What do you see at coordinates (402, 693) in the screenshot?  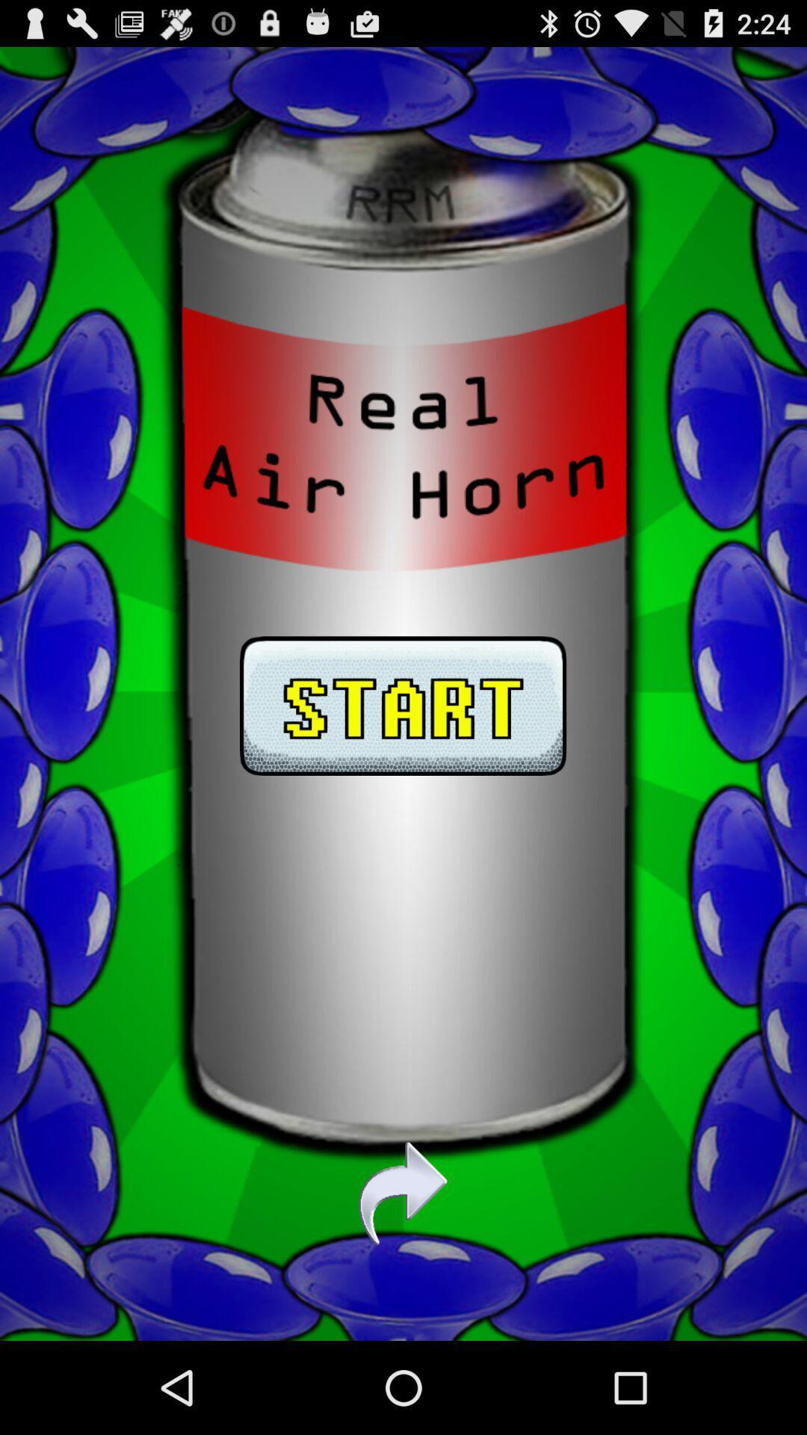 I see `start` at bounding box center [402, 693].